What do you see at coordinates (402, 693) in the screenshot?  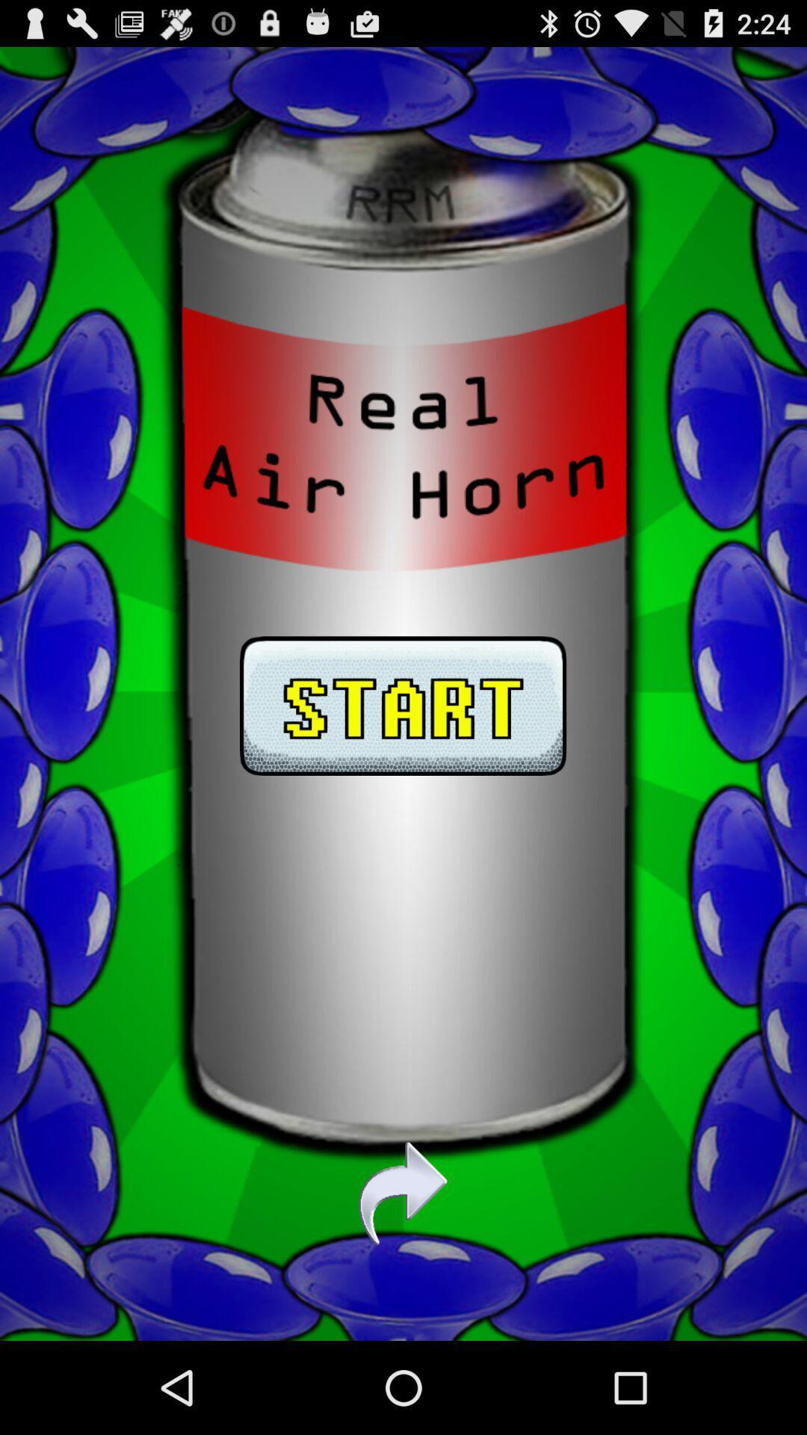 I see `start` at bounding box center [402, 693].